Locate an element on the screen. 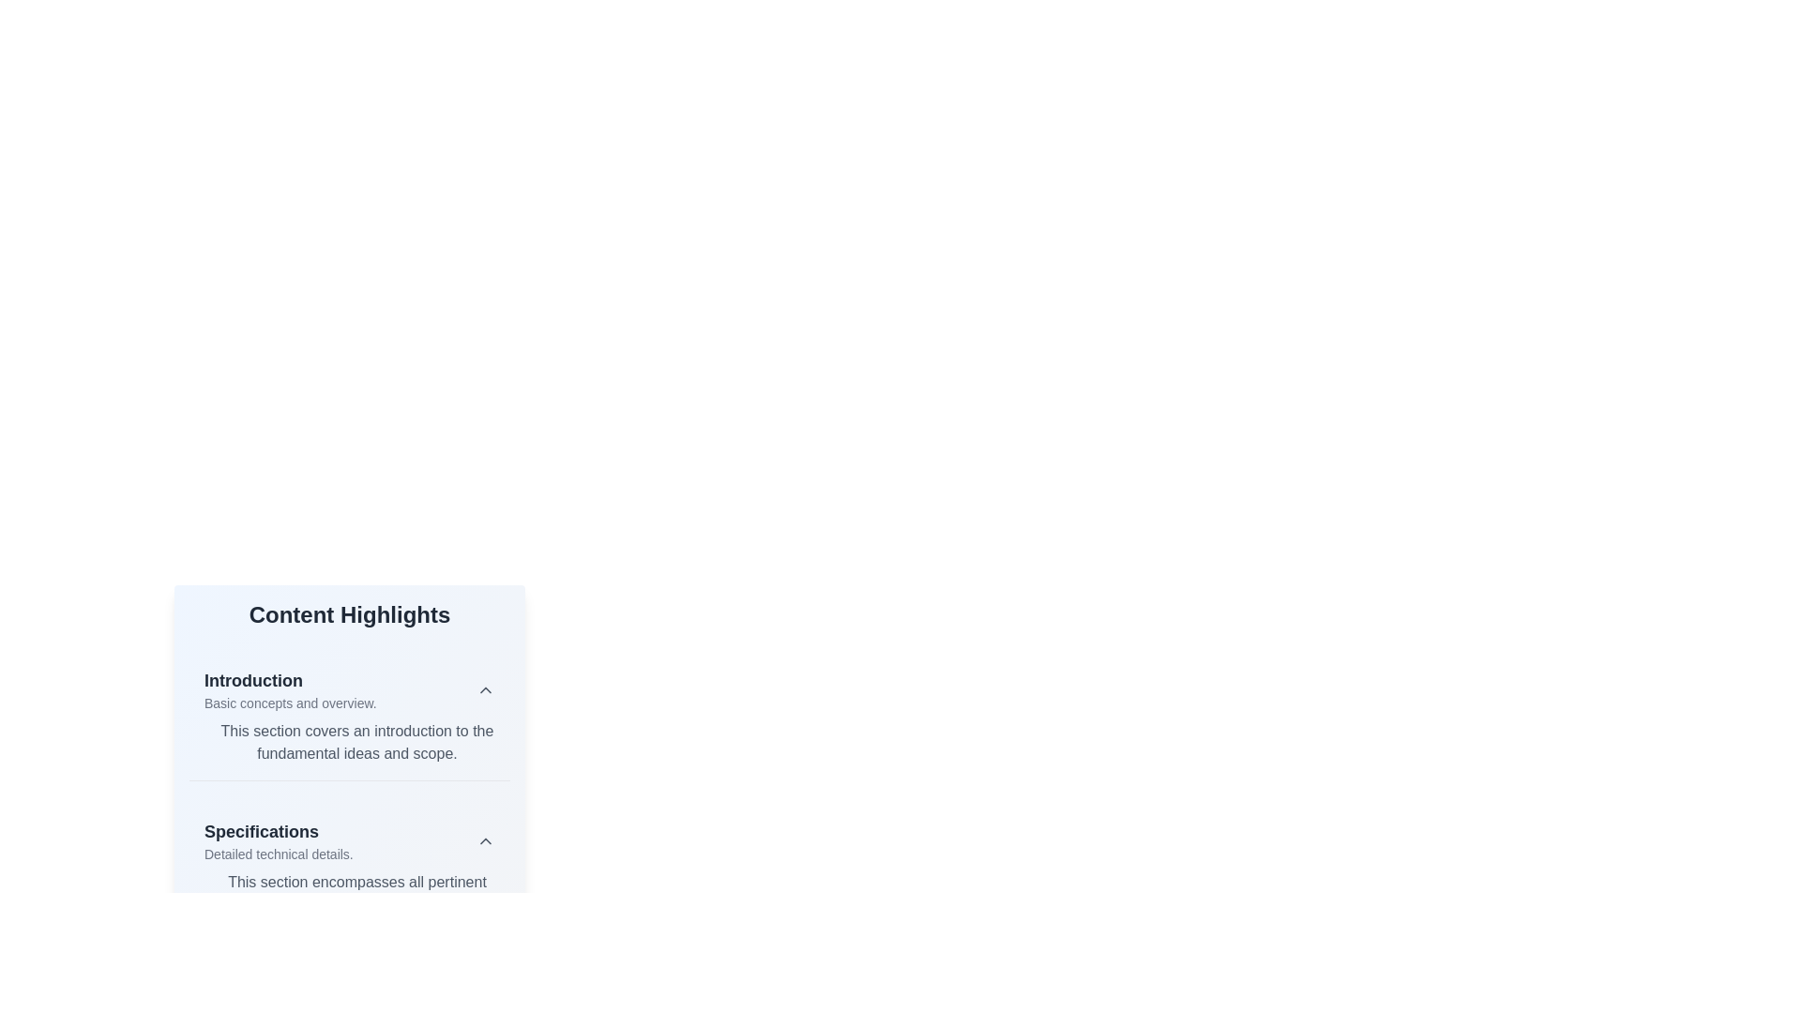 Image resolution: width=1801 pixels, height=1013 pixels. the title text label indicating the content scope in the 'Content Highlights' section is located at coordinates (289, 680).